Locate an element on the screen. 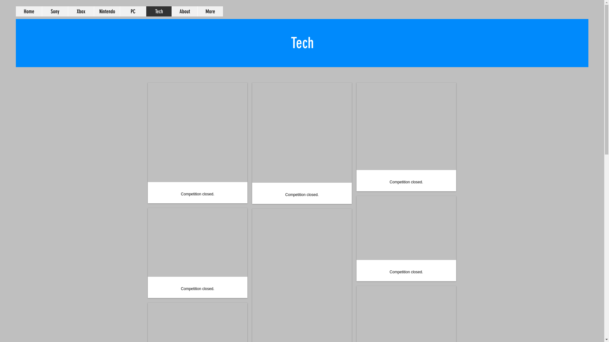 The image size is (609, 342). 'Tech' is located at coordinates (159, 11).